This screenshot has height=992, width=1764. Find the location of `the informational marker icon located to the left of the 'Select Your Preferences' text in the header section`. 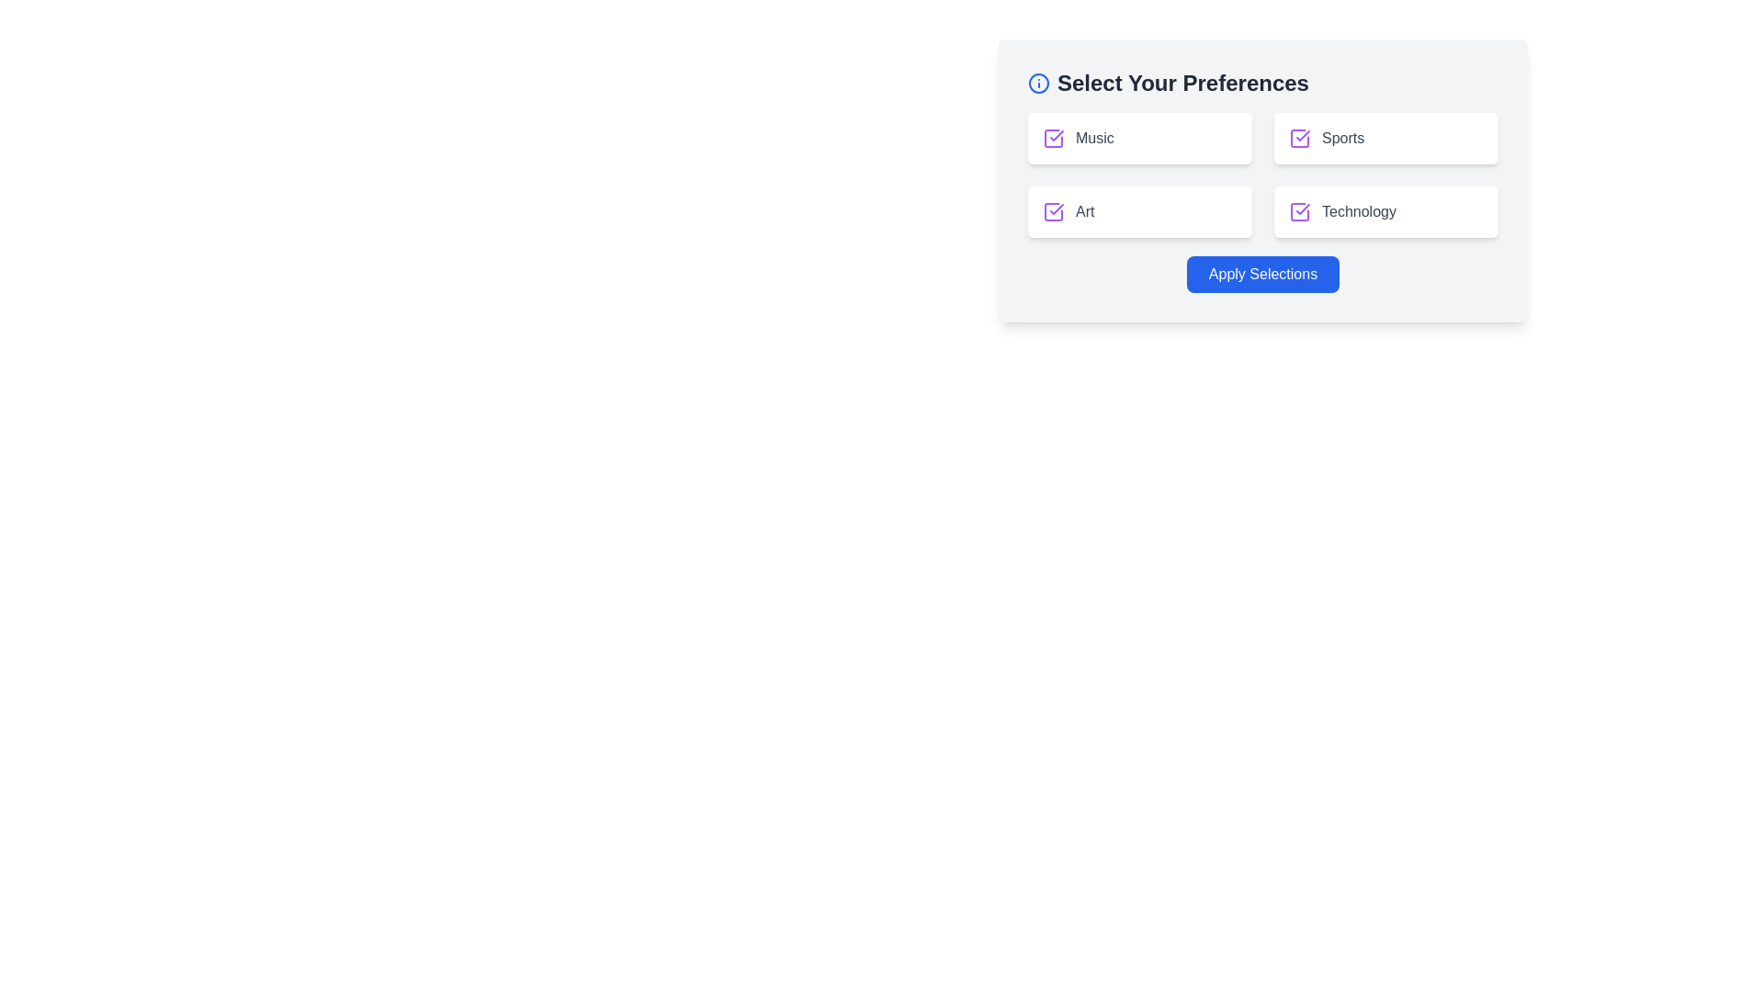

the informational marker icon located to the left of the 'Select Your Preferences' text in the header section is located at coordinates (1039, 84).